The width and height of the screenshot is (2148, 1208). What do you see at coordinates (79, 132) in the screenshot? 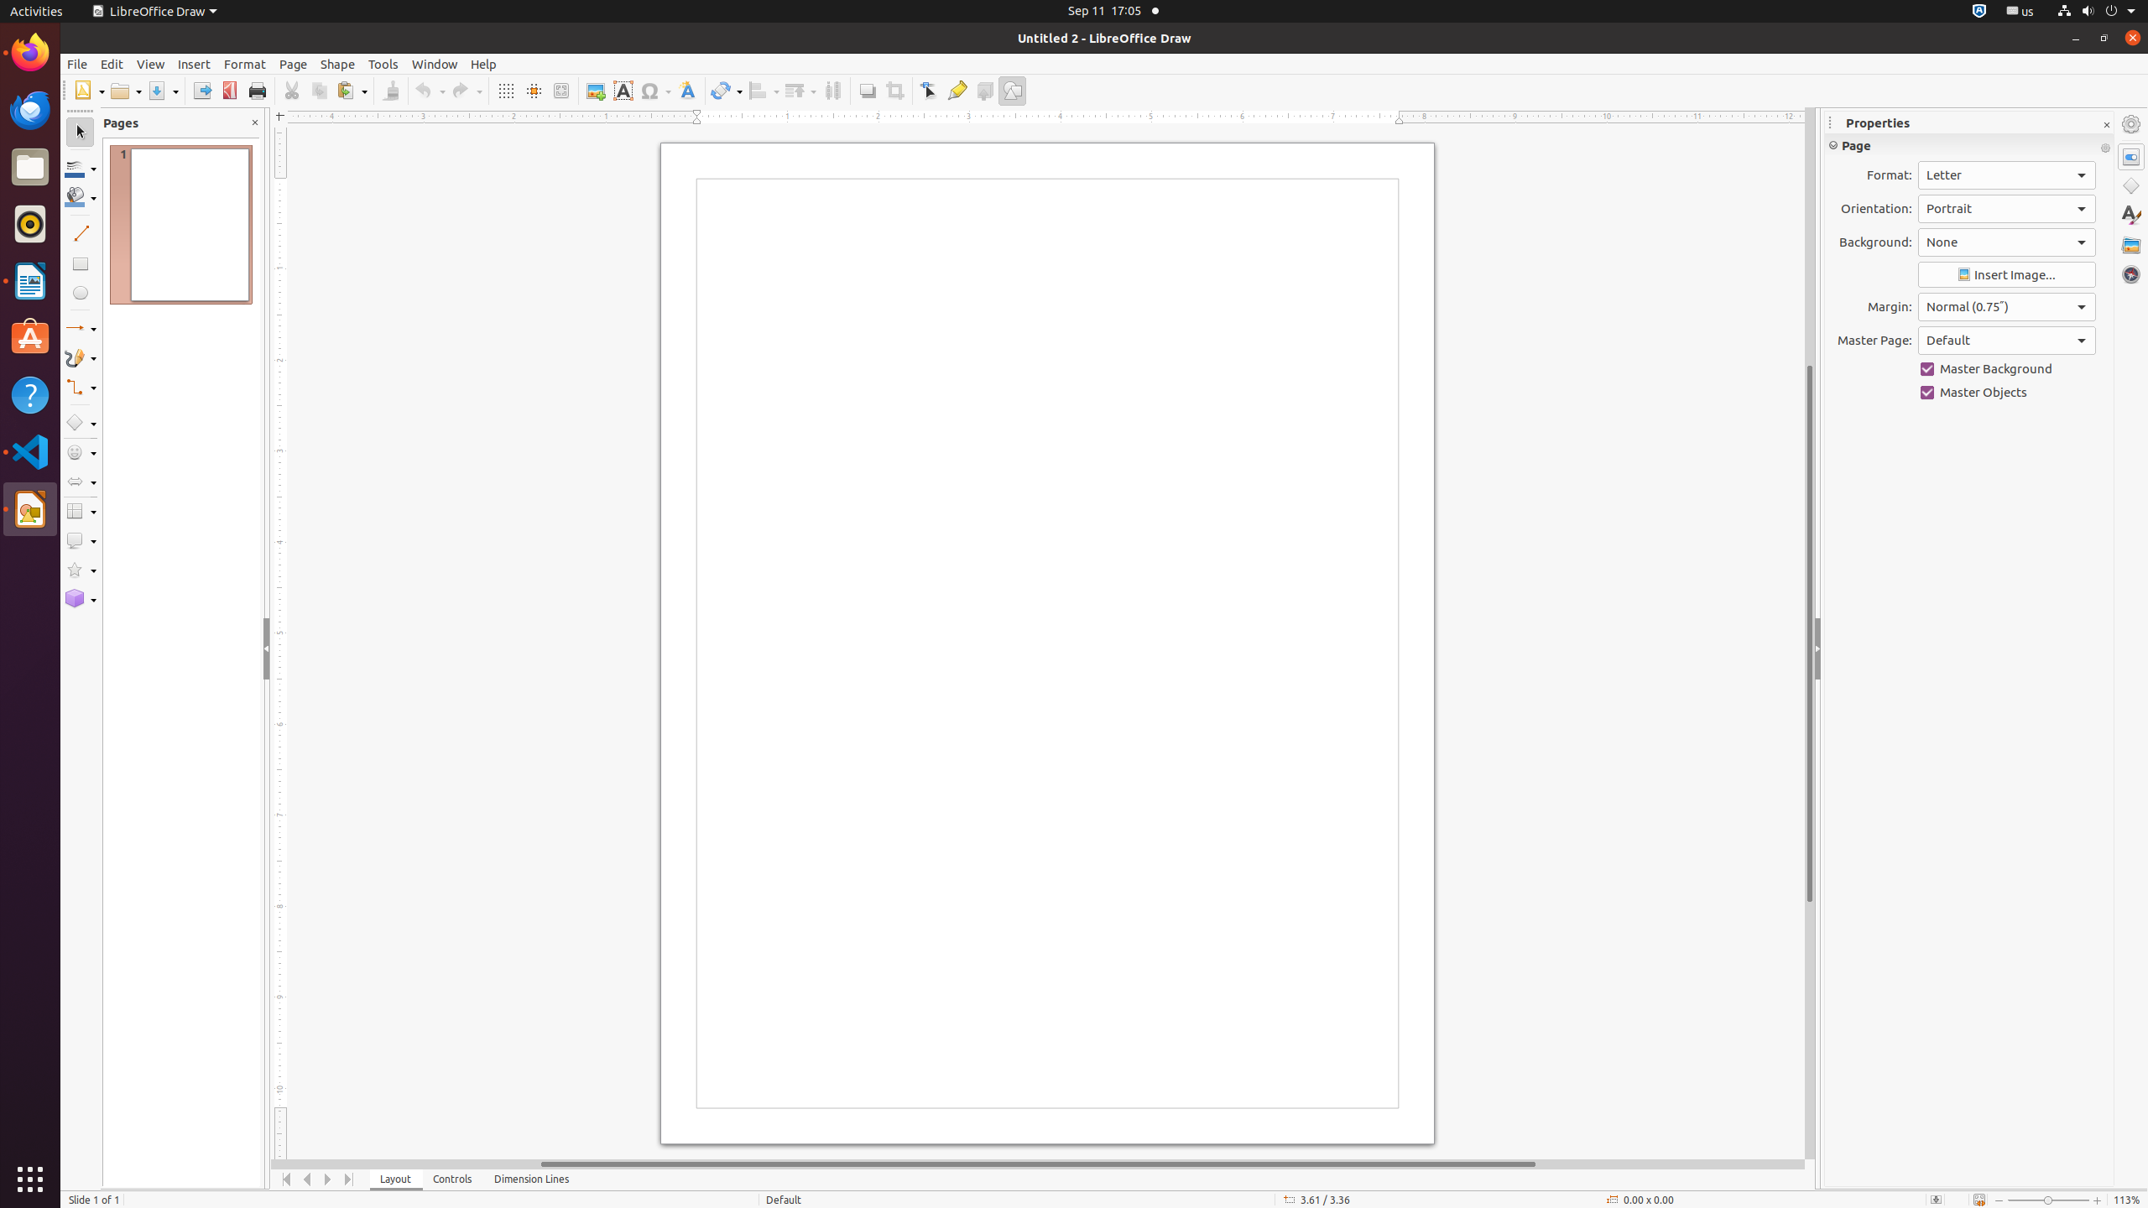
I see `'Select'` at bounding box center [79, 132].